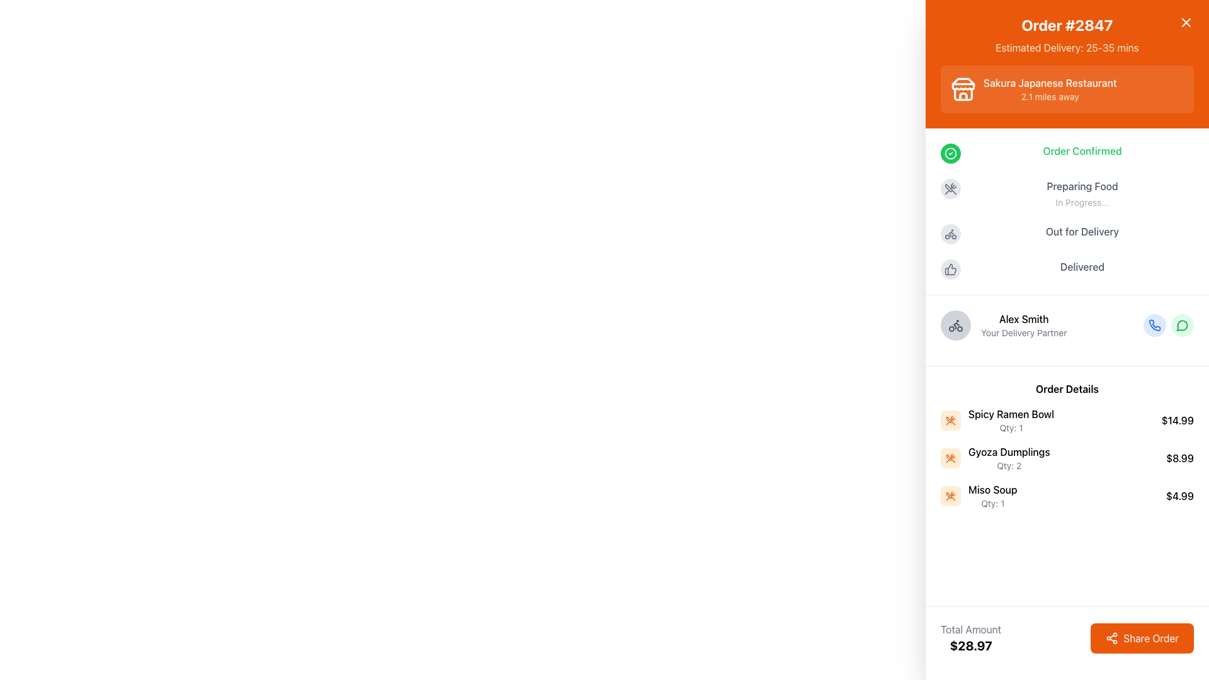  Describe the element at coordinates (951, 152) in the screenshot. I see `the circular icon with a white checkmark within a green border, located next to the 'Order Confirmed' text in the right-side panel` at that location.